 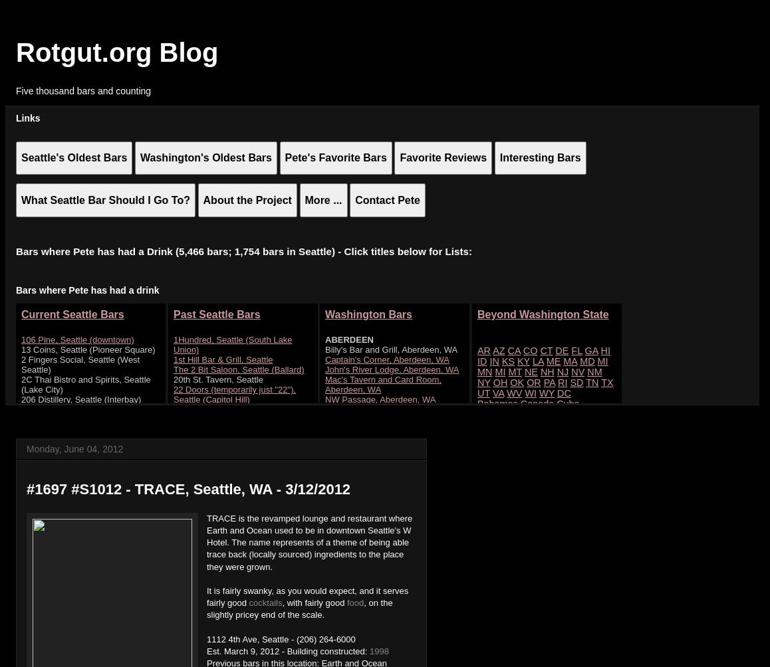 I want to click on 'Pete's Favorite Bars', so click(x=284, y=157).